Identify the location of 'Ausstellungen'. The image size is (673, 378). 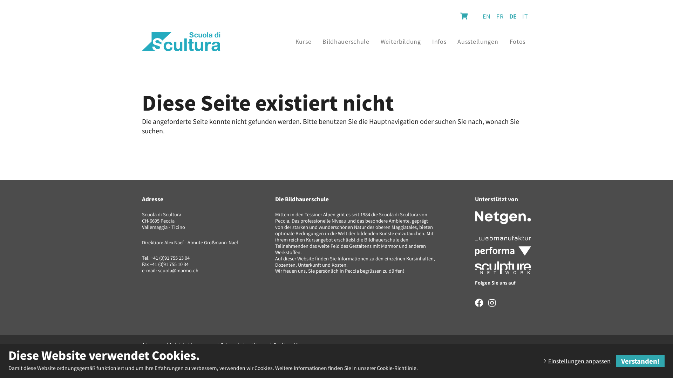
(452, 41).